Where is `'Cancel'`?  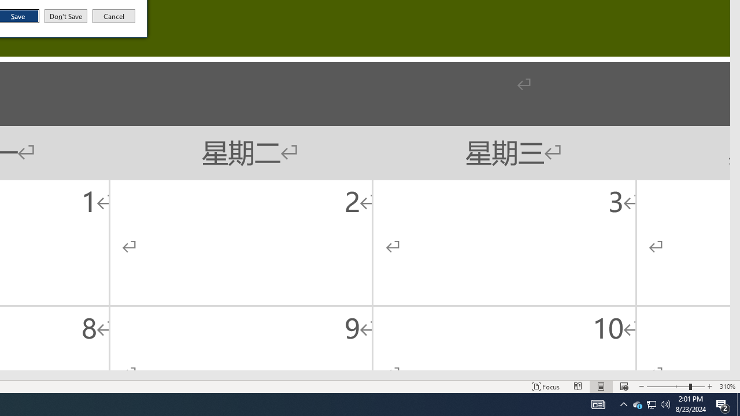
'Cancel' is located at coordinates (114, 16).